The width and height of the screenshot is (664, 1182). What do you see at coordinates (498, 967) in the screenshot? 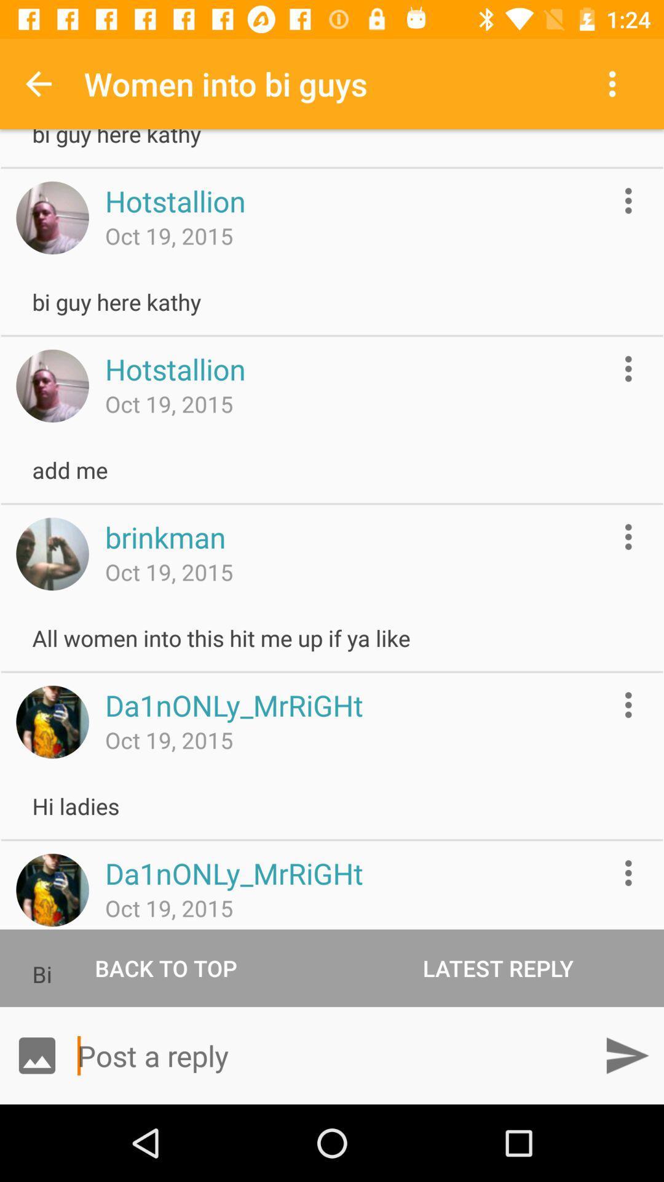
I see `the icon below the da1nonly_mrright icon` at bounding box center [498, 967].